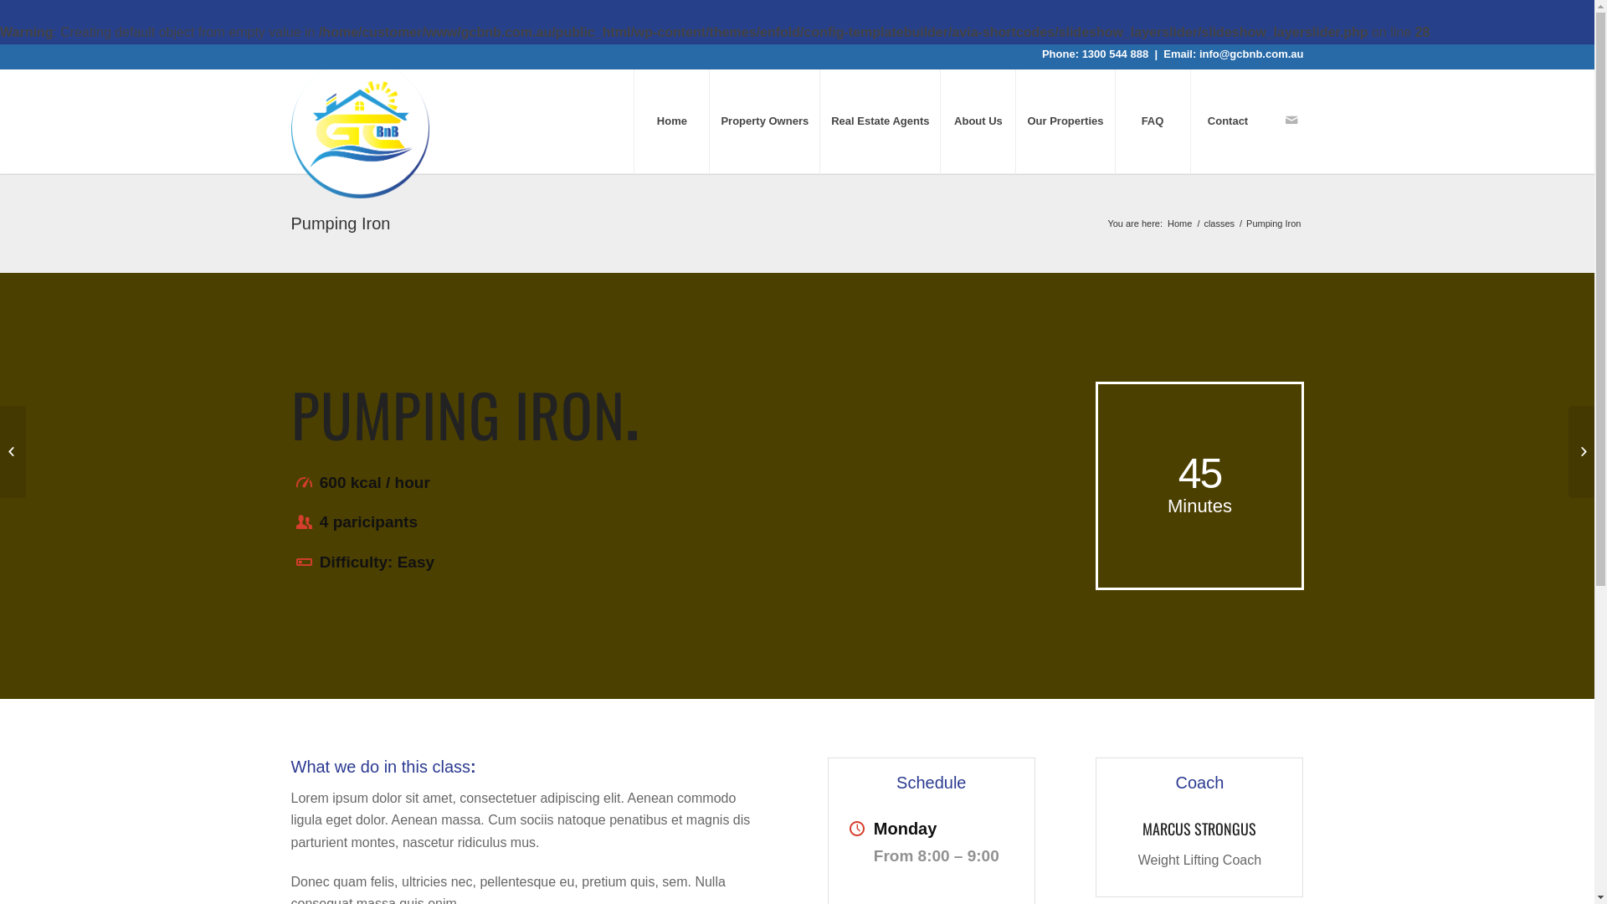 Image resolution: width=1607 pixels, height=904 pixels. What do you see at coordinates (879, 120) in the screenshot?
I see `'Real Estate Agents'` at bounding box center [879, 120].